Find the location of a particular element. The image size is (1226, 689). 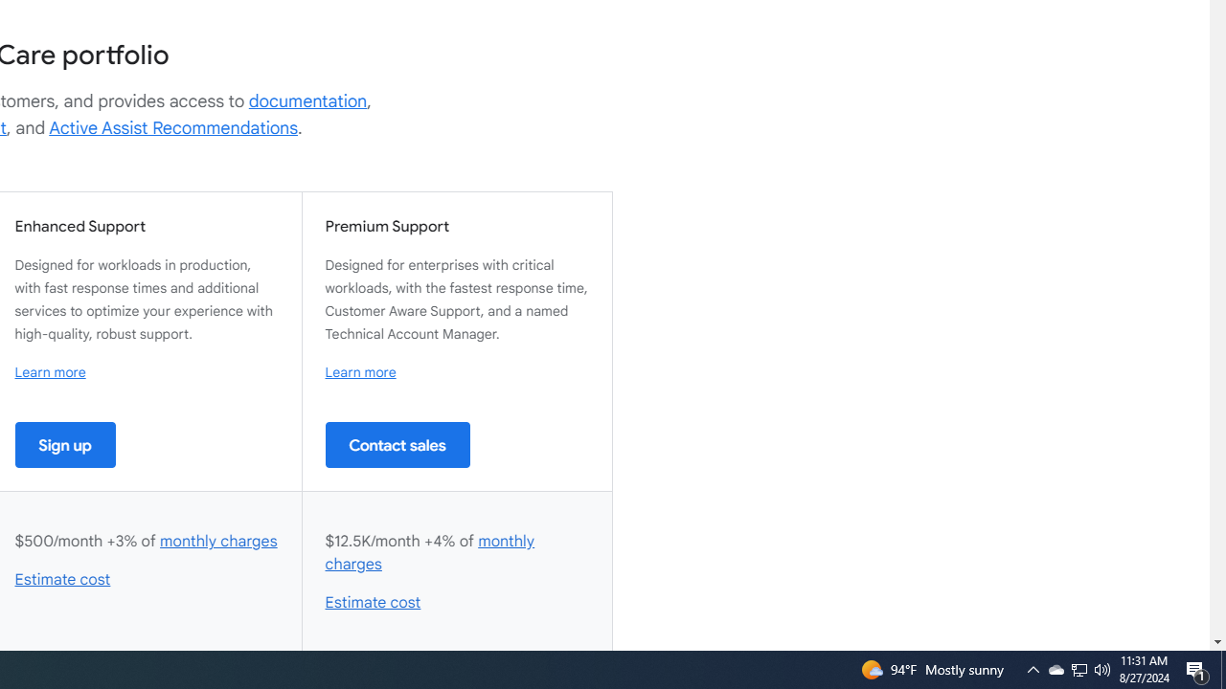

'documentation' is located at coordinates (307, 100).